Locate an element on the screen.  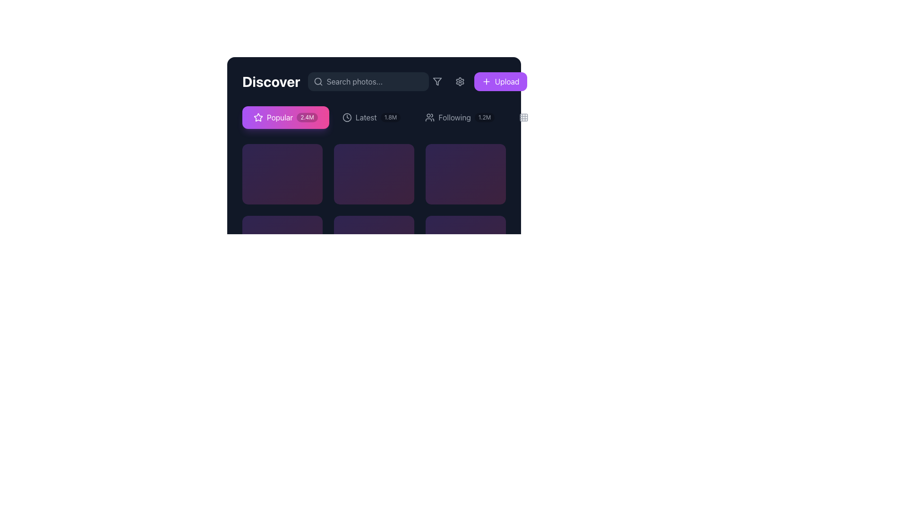
the gear-shaped settings icon located at the top-right corner of the interface is located at coordinates (460, 81).